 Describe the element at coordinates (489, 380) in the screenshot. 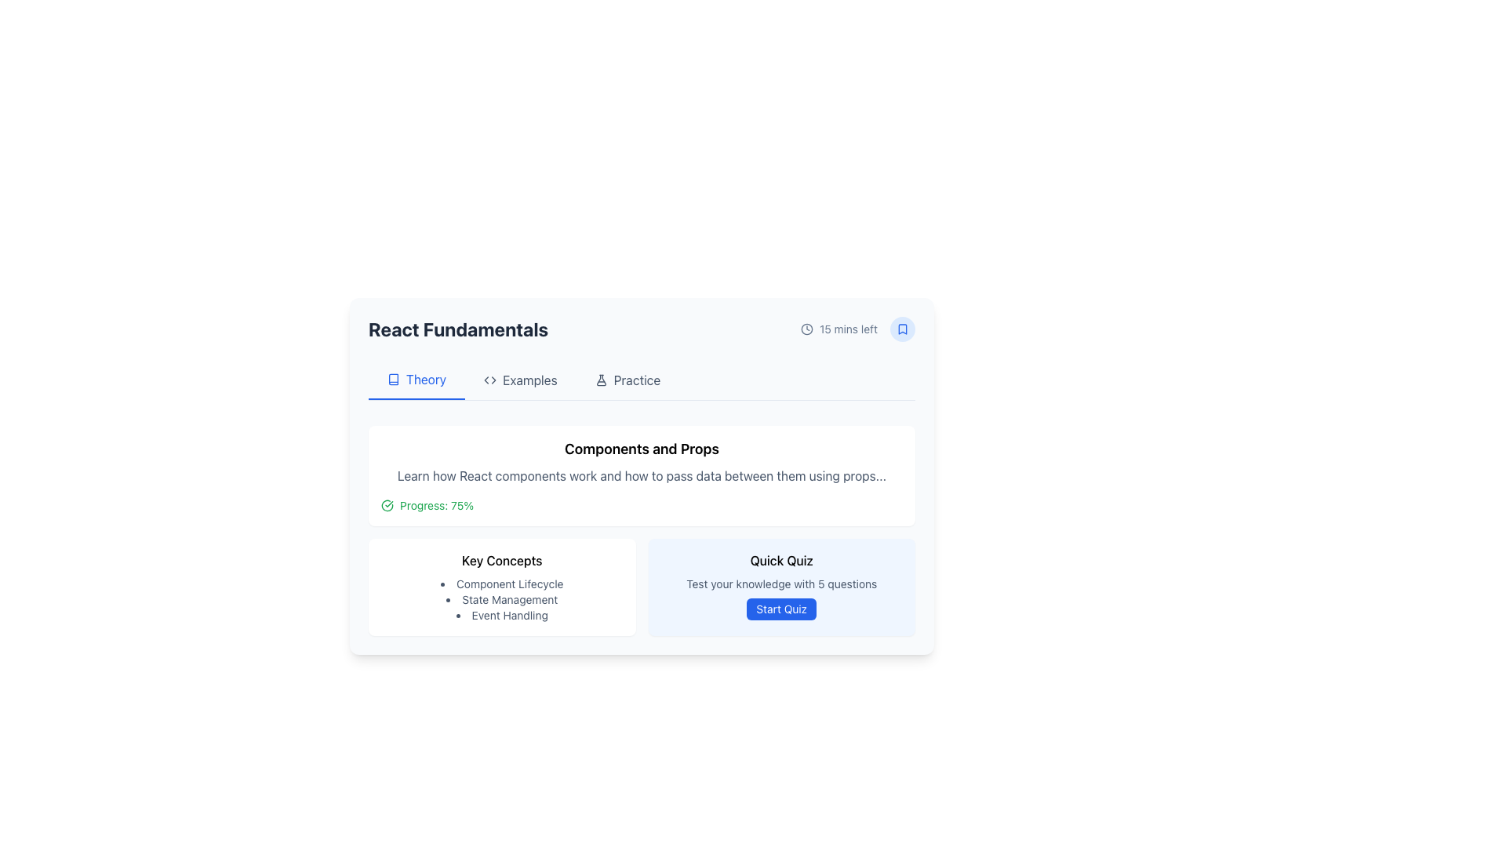

I see `the 'Examples' menu icon located to the left of the text 'Examples'` at that location.